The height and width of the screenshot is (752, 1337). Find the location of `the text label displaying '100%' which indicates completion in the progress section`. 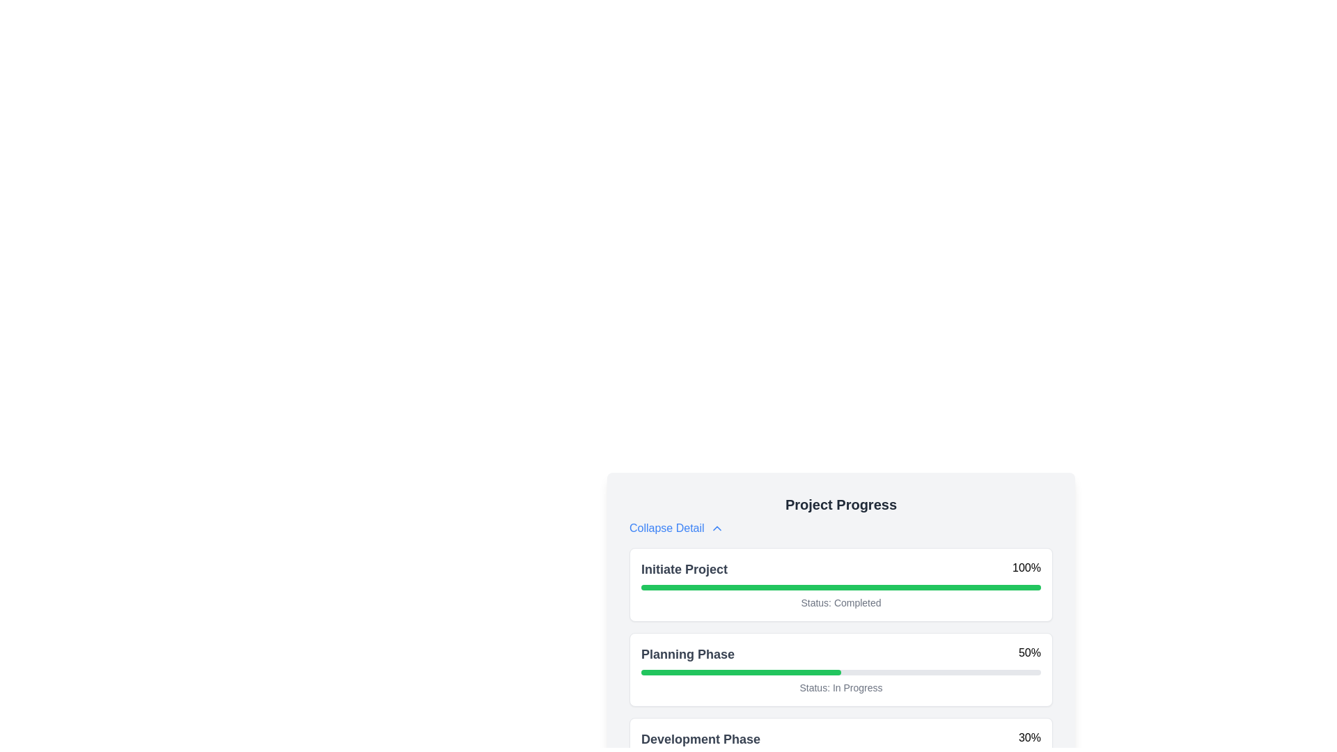

the text label displaying '100%' which indicates completion in the progress section is located at coordinates (1026, 569).